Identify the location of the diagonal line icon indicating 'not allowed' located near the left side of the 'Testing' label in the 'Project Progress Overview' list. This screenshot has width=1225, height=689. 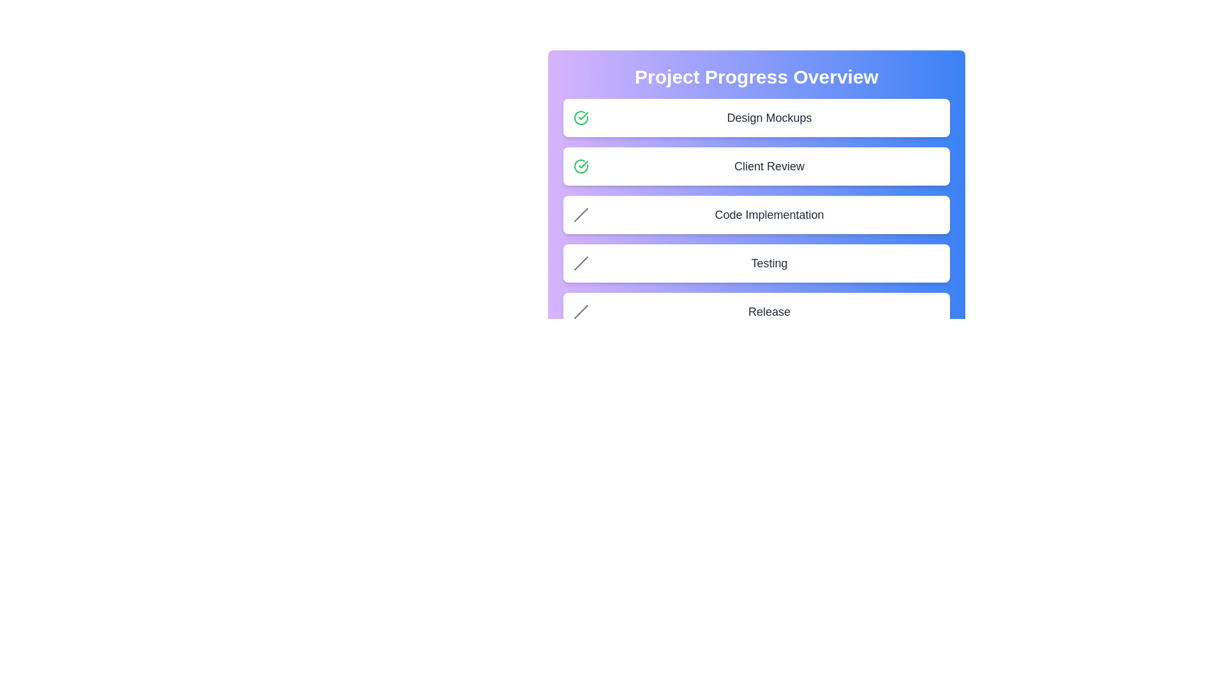
(581, 262).